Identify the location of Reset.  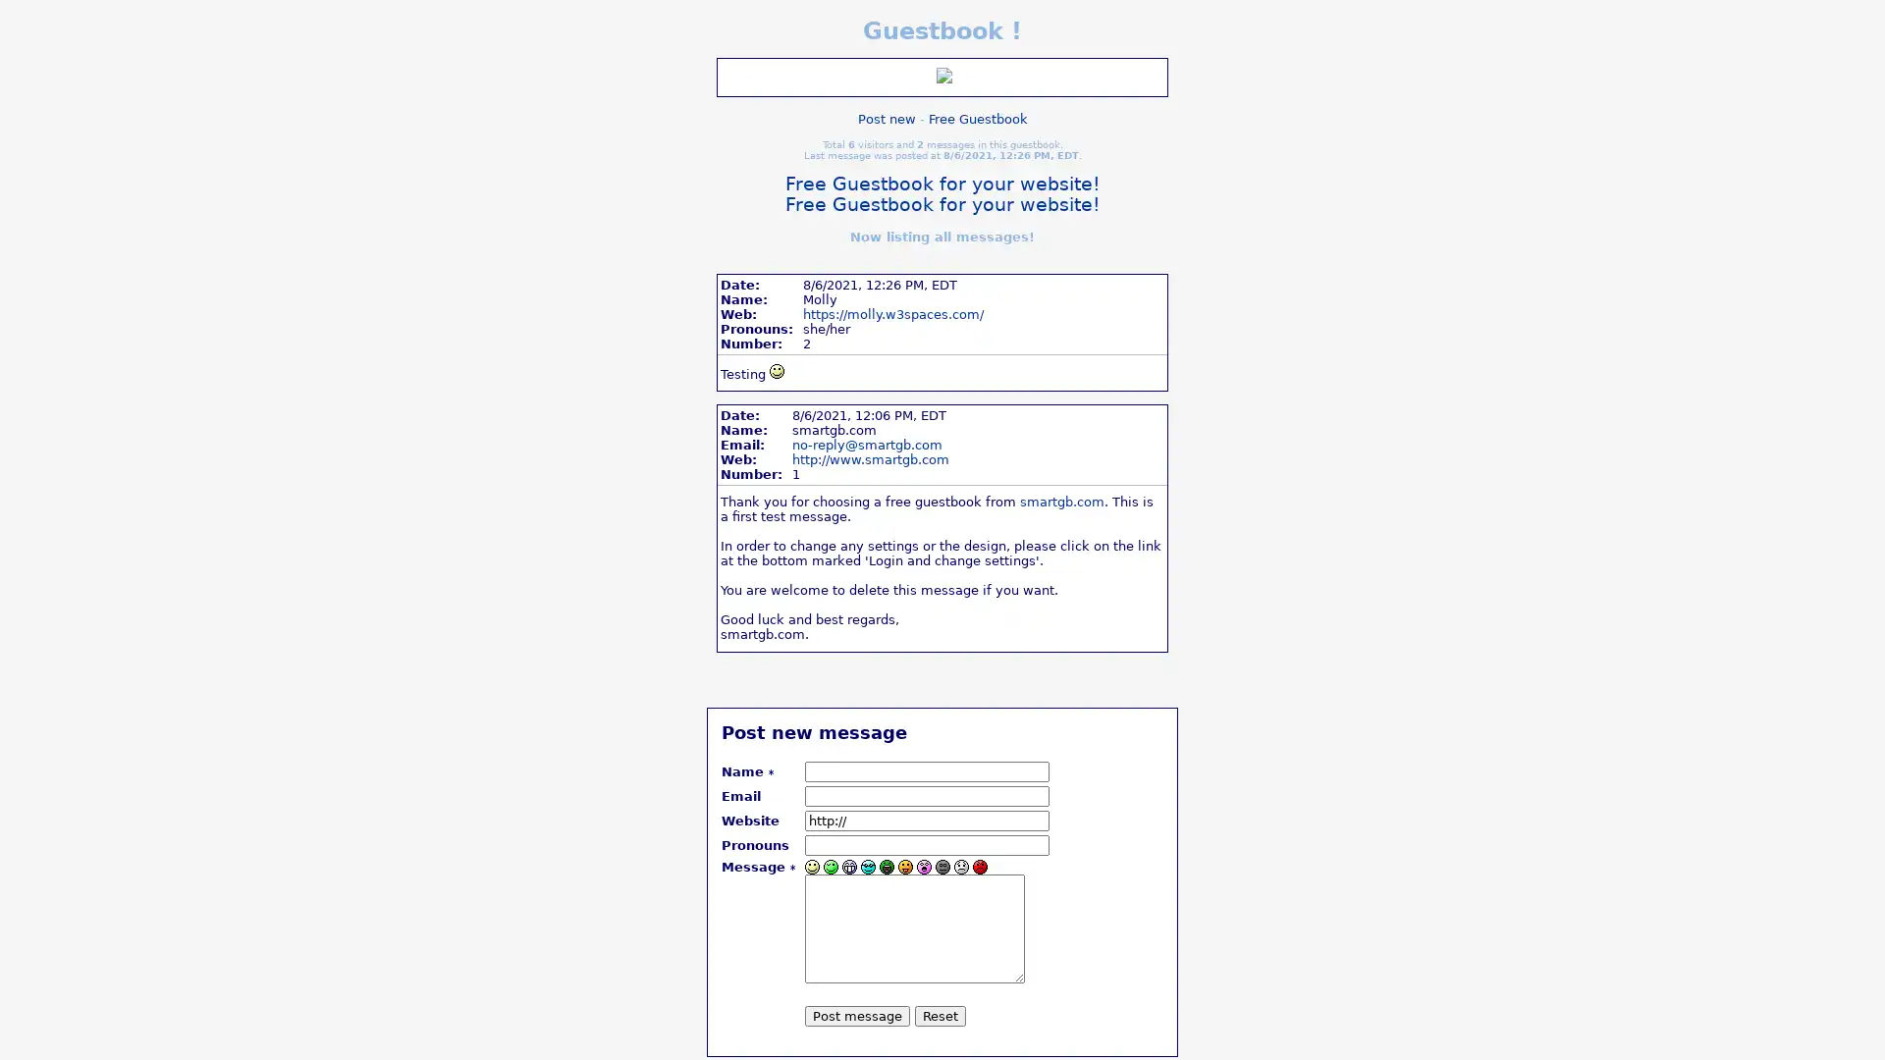
(940, 1015).